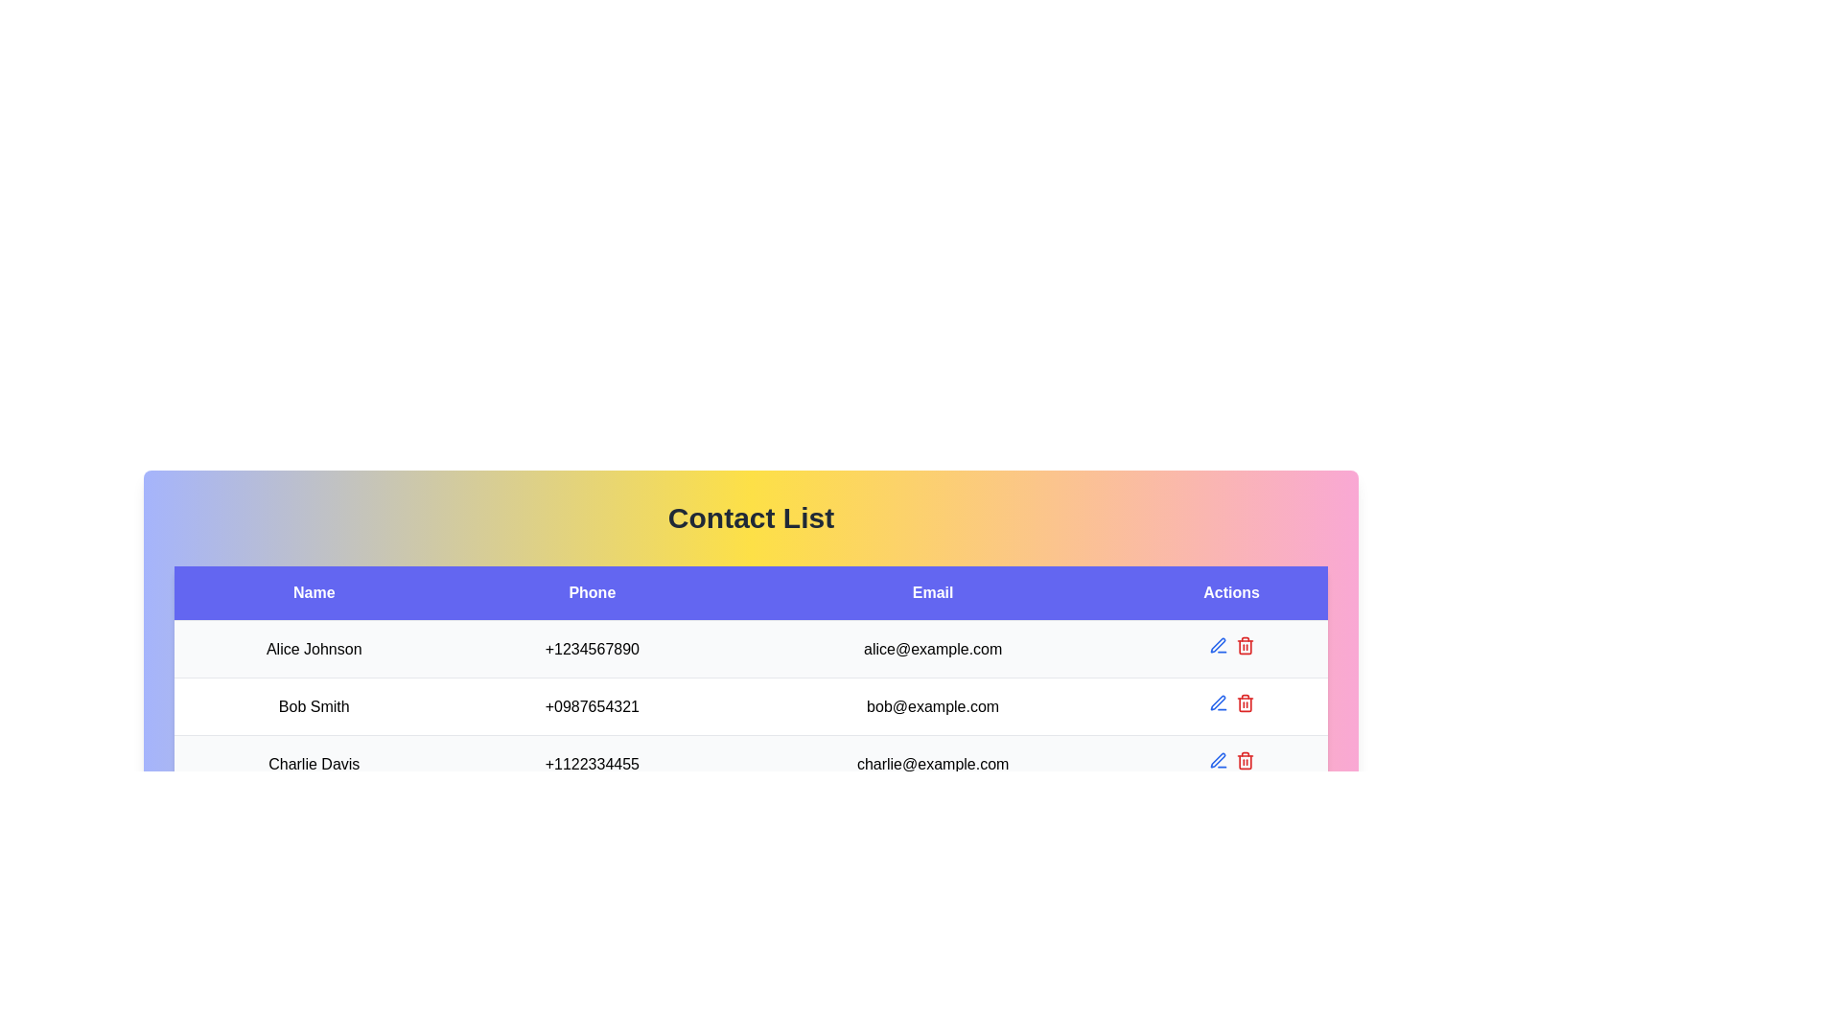 The height and width of the screenshot is (1035, 1841). What do you see at coordinates (750, 648) in the screenshot?
I see `on the first table row containing the name 'Alice Johnson', phone number '+1234567890', and email 'alice@example.com' for specific actions` at bounding box center [750, 648].